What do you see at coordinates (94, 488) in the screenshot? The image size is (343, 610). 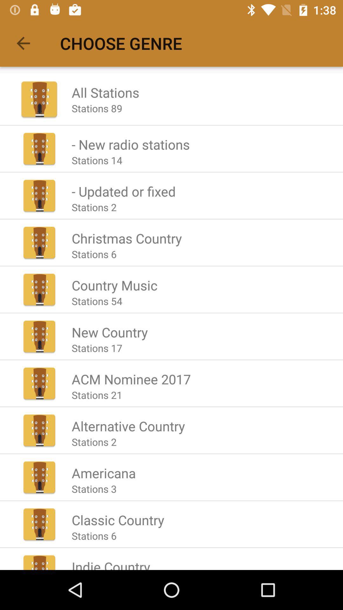 I see `item above the classic country icon` at bounding box center [94, 488].